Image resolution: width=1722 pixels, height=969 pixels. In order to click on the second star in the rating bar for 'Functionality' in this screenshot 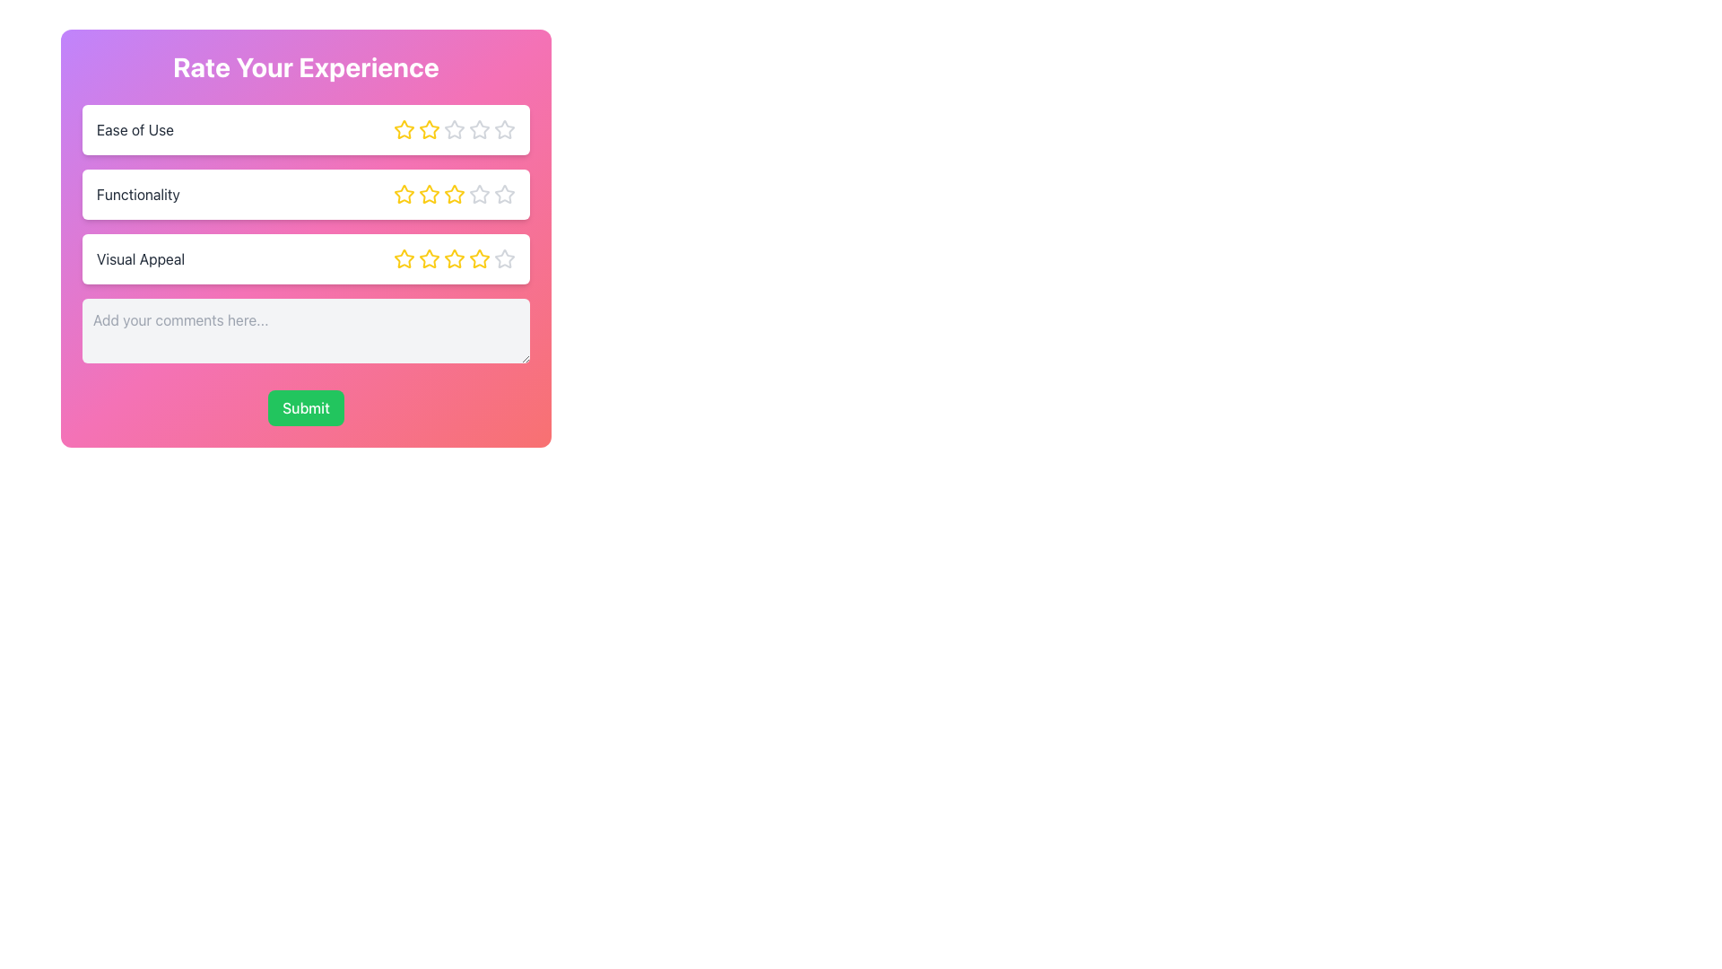, I will do `click(404, 194)`.